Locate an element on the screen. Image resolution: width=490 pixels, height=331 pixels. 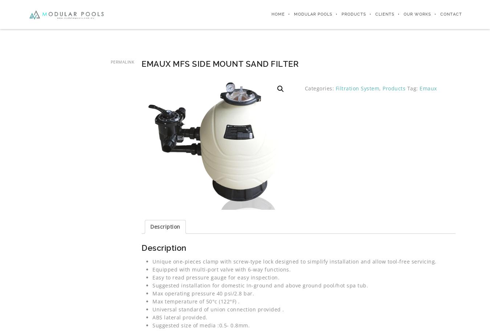
'Unique one-pieces clamp with screw-type lock designed to simplify installation and allow tool-free servicing.' is located at coordinates (152, 261).